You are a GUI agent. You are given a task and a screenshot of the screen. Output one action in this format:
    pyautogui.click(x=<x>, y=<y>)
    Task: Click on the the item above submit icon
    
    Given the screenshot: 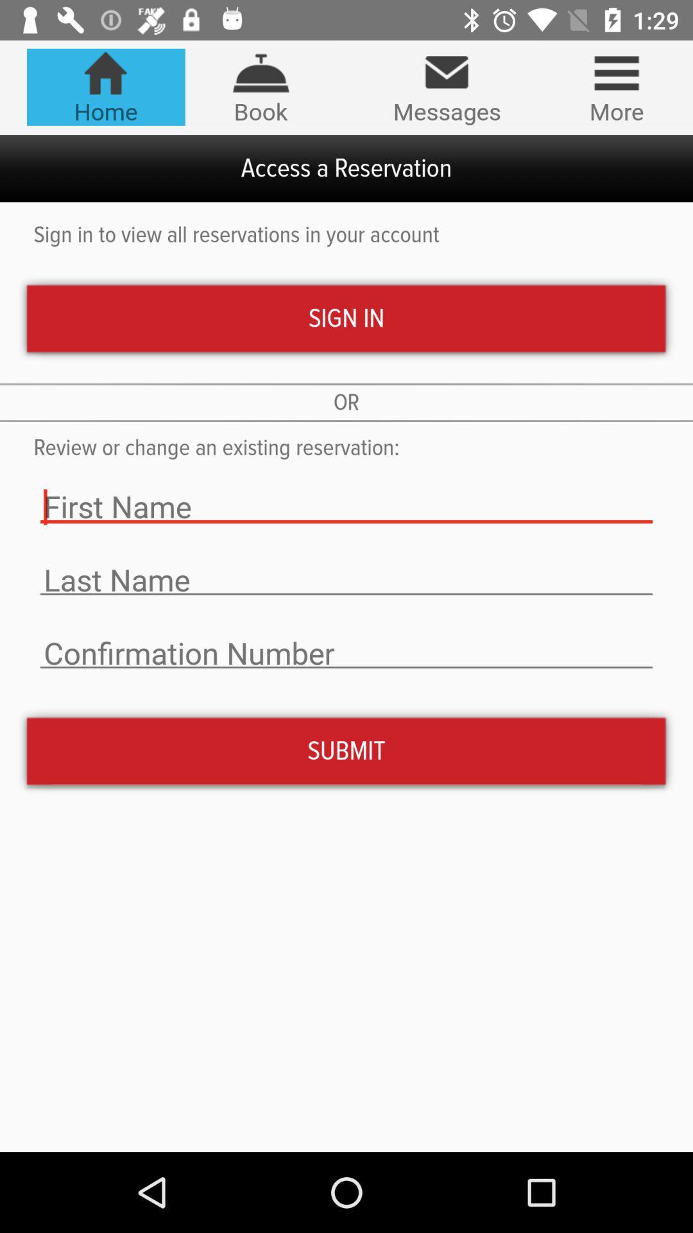 What is the action you would take?
    pyautogui.click(x=346, y=653)
    